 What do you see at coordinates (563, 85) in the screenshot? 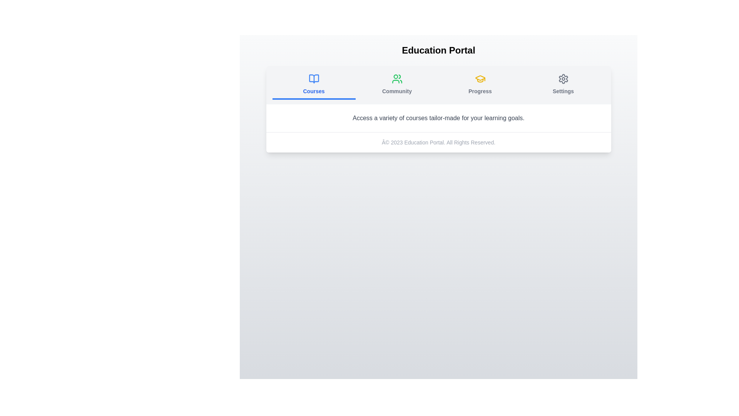
I see `the fourth tab menu item, which navigates to the 'Settings' section of the application, to emphasize its interactivity` at bounding box center [563, 85].